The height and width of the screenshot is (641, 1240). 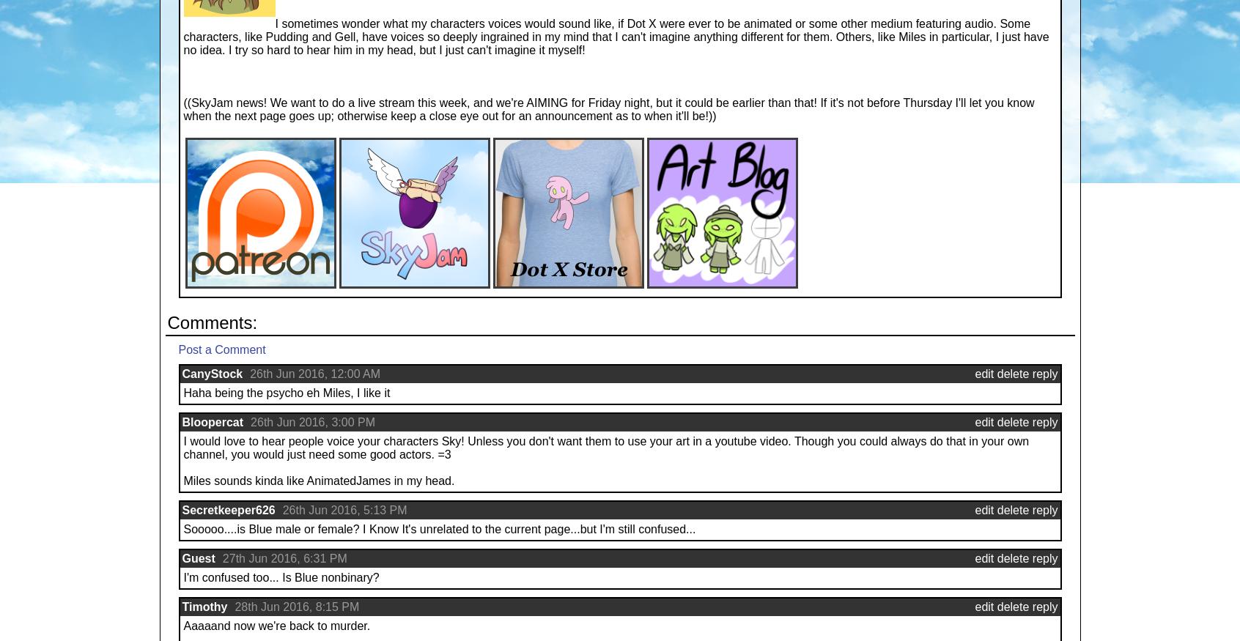 What do you see at coordinates (204, 607) in the screenshot?
I see `'Timothy'` at bounding box center [204, 607].